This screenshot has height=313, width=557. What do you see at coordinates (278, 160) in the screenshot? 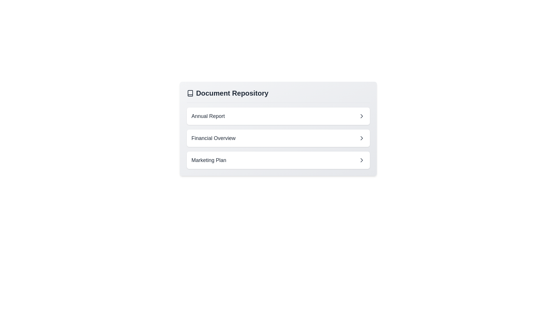
I see `the third clickable list item in the menu labeled 'Marketing Plan'` at bounding box center [278, 160].